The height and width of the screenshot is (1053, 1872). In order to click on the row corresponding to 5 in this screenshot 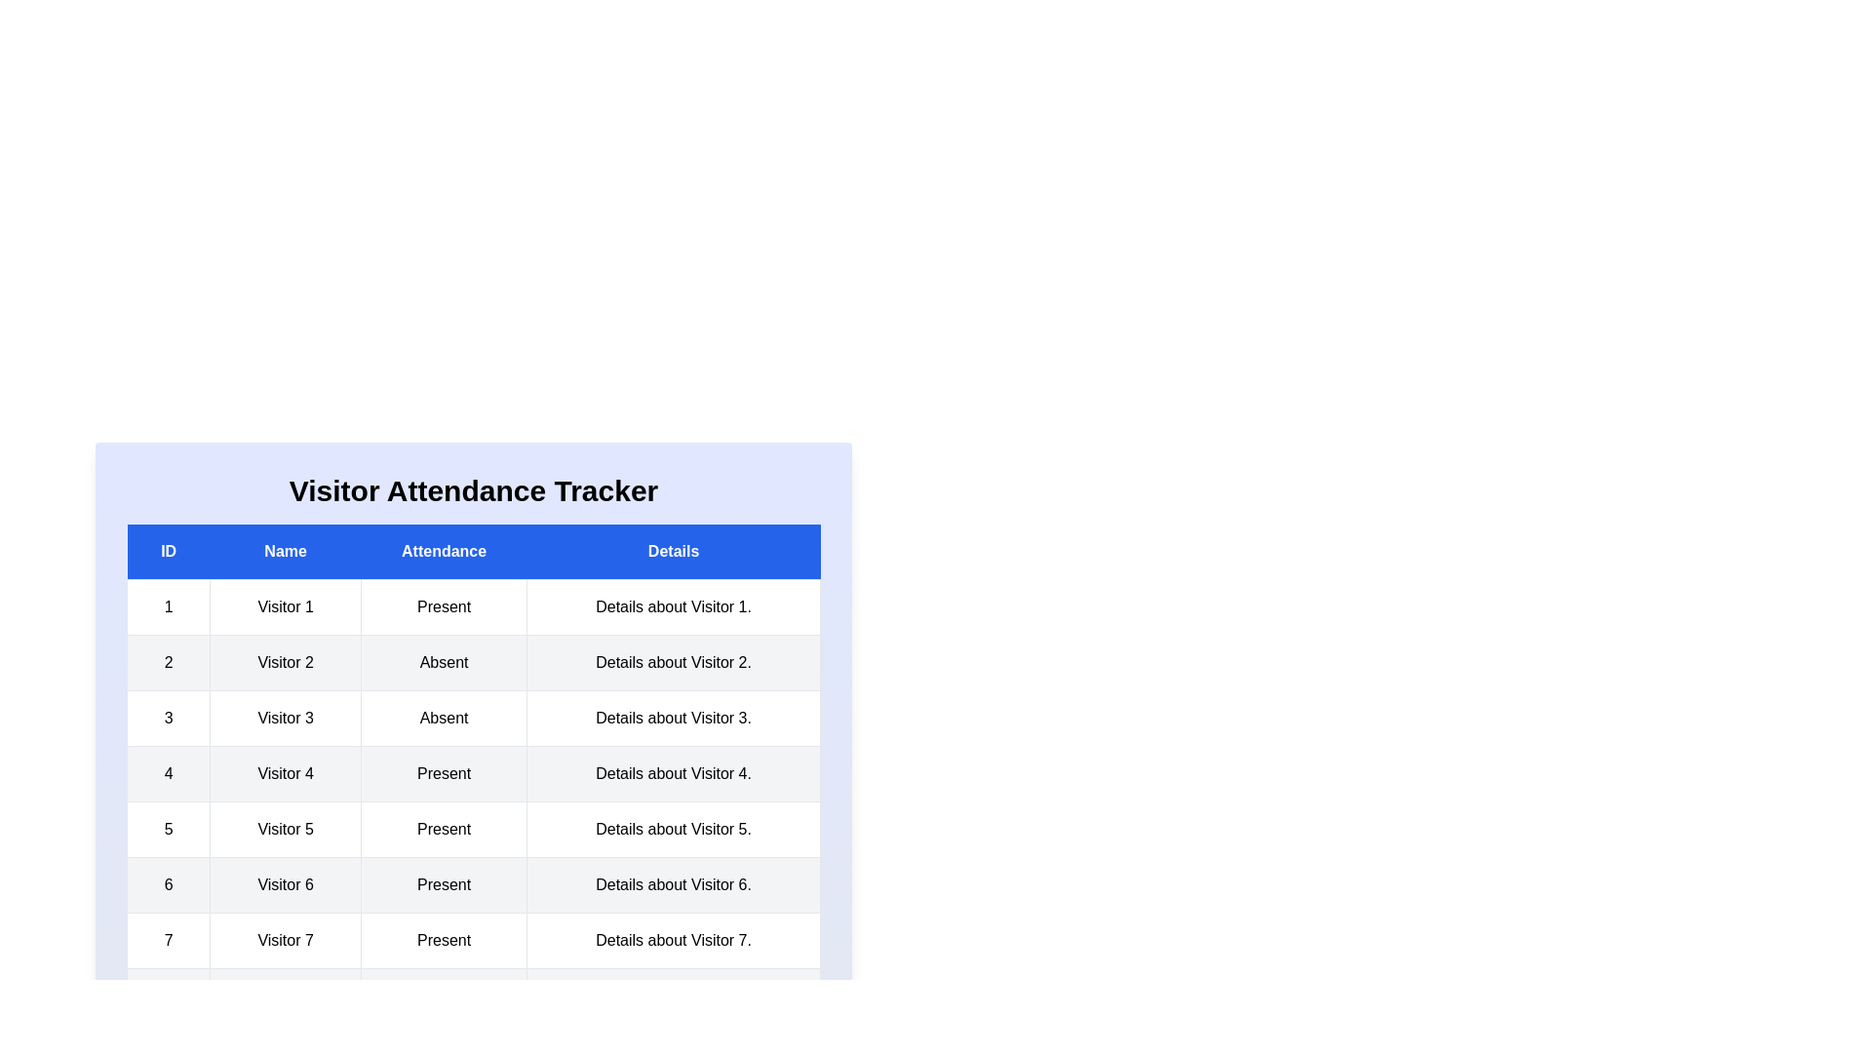, I will do `click(473, 830)`.